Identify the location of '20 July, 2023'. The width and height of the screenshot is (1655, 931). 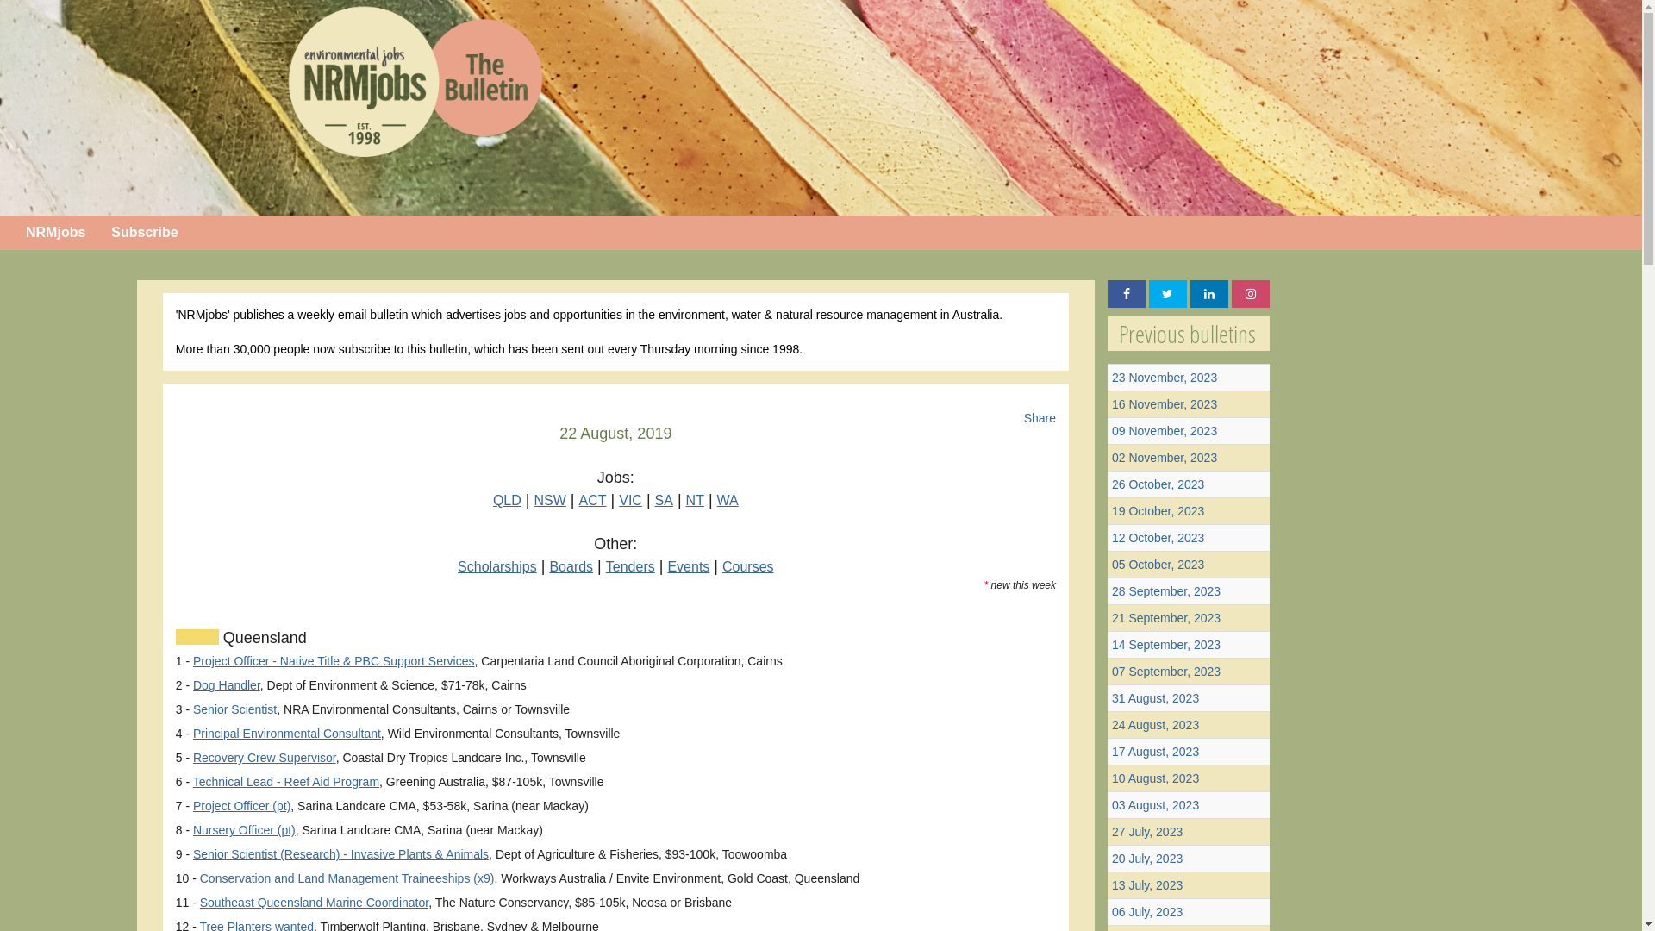
(1146, 858).